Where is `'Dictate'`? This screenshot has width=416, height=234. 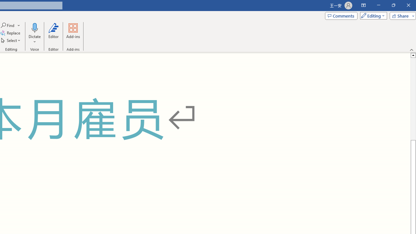 'Dictate' is located at coordinates (34, 27).